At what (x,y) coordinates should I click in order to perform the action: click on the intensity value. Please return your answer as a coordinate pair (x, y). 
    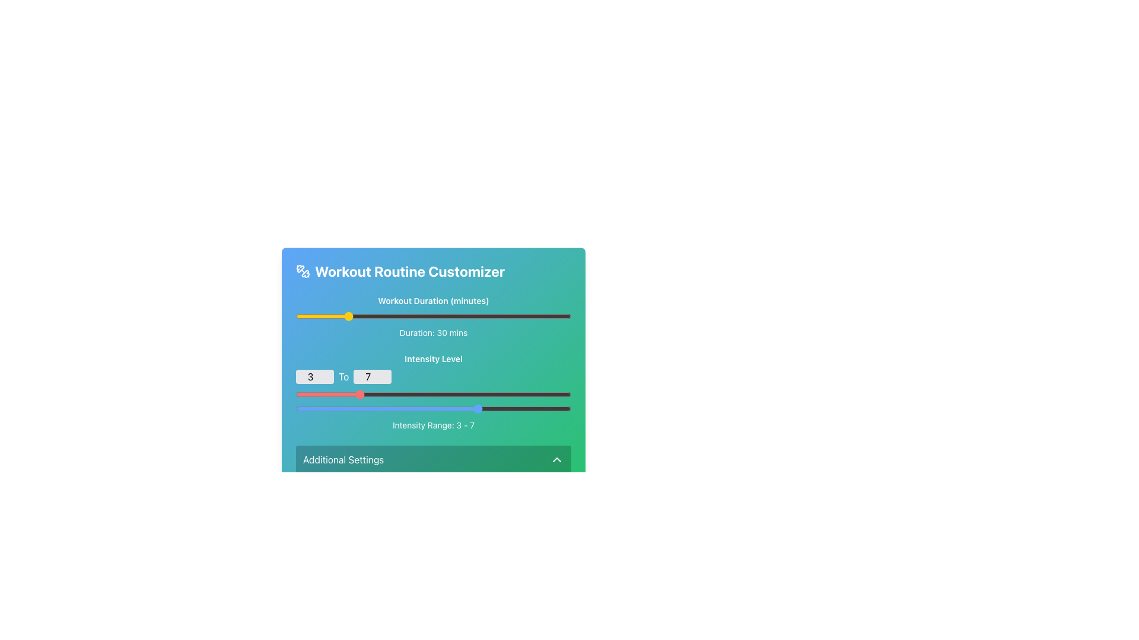
    Looking at the image, I should click on (448, 408).